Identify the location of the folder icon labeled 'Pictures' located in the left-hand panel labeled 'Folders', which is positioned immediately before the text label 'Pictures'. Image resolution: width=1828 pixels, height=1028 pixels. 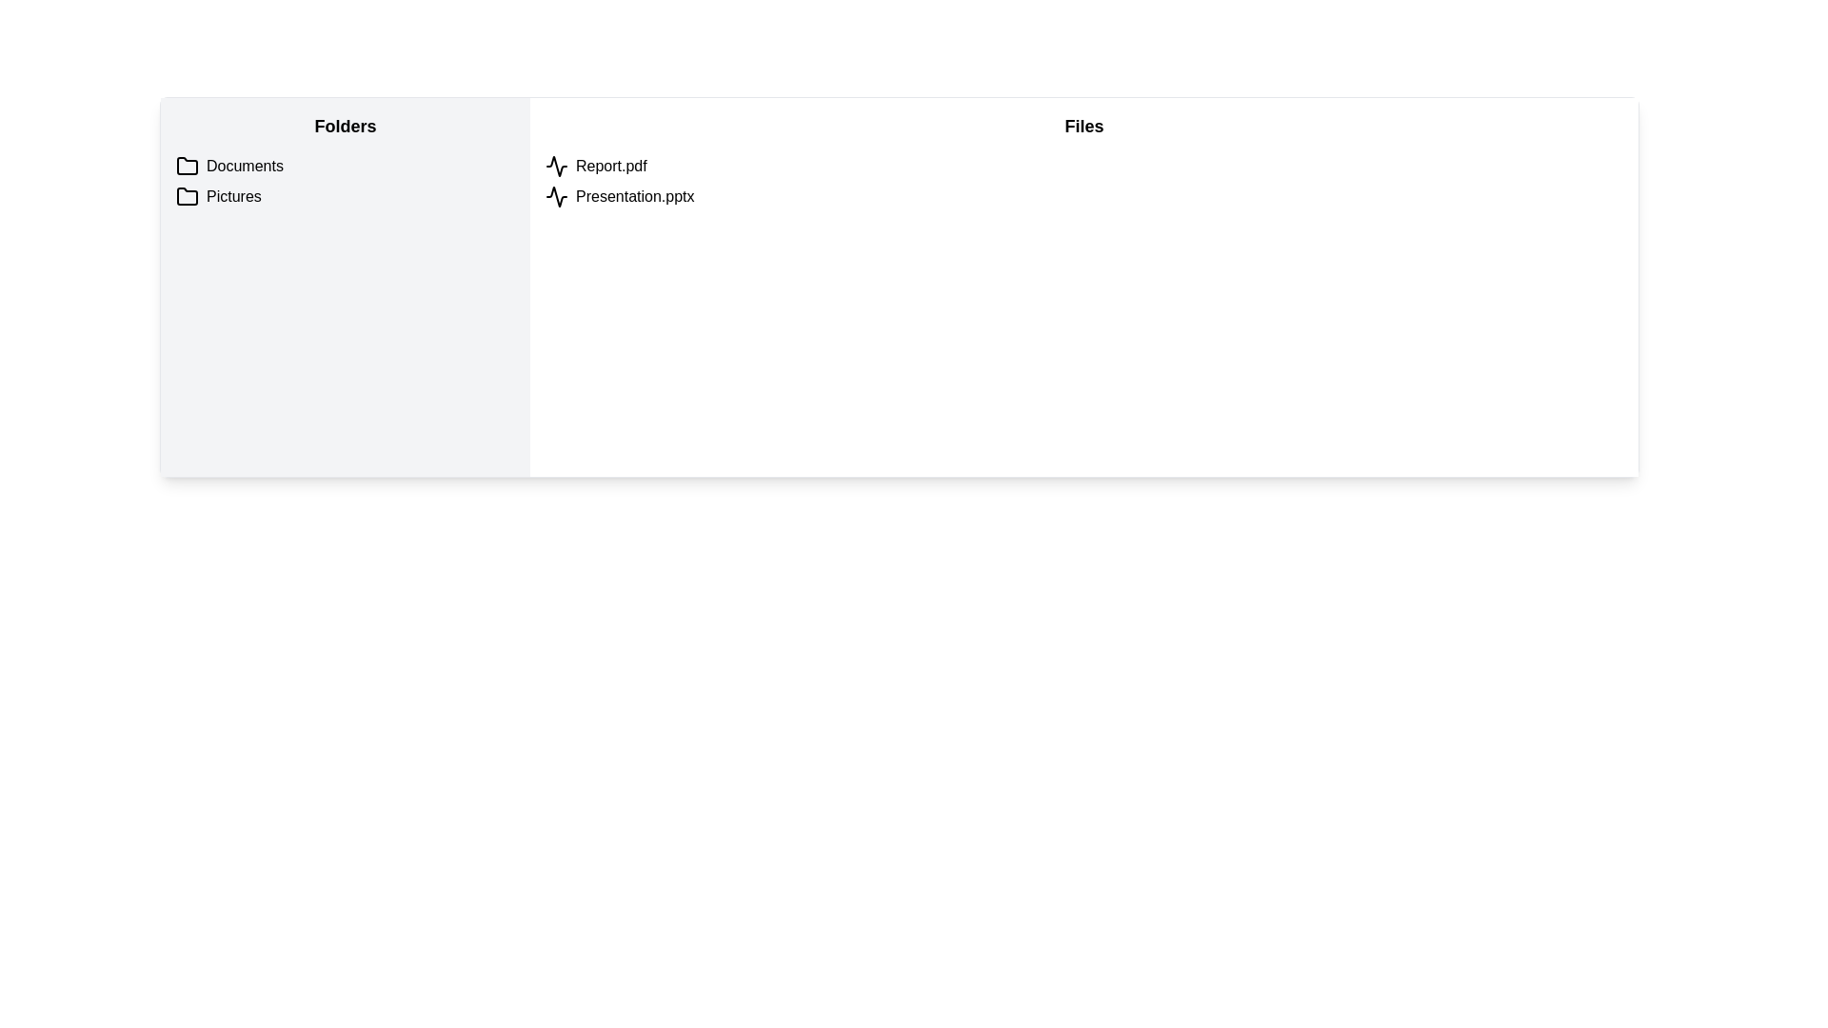
(187, 197).